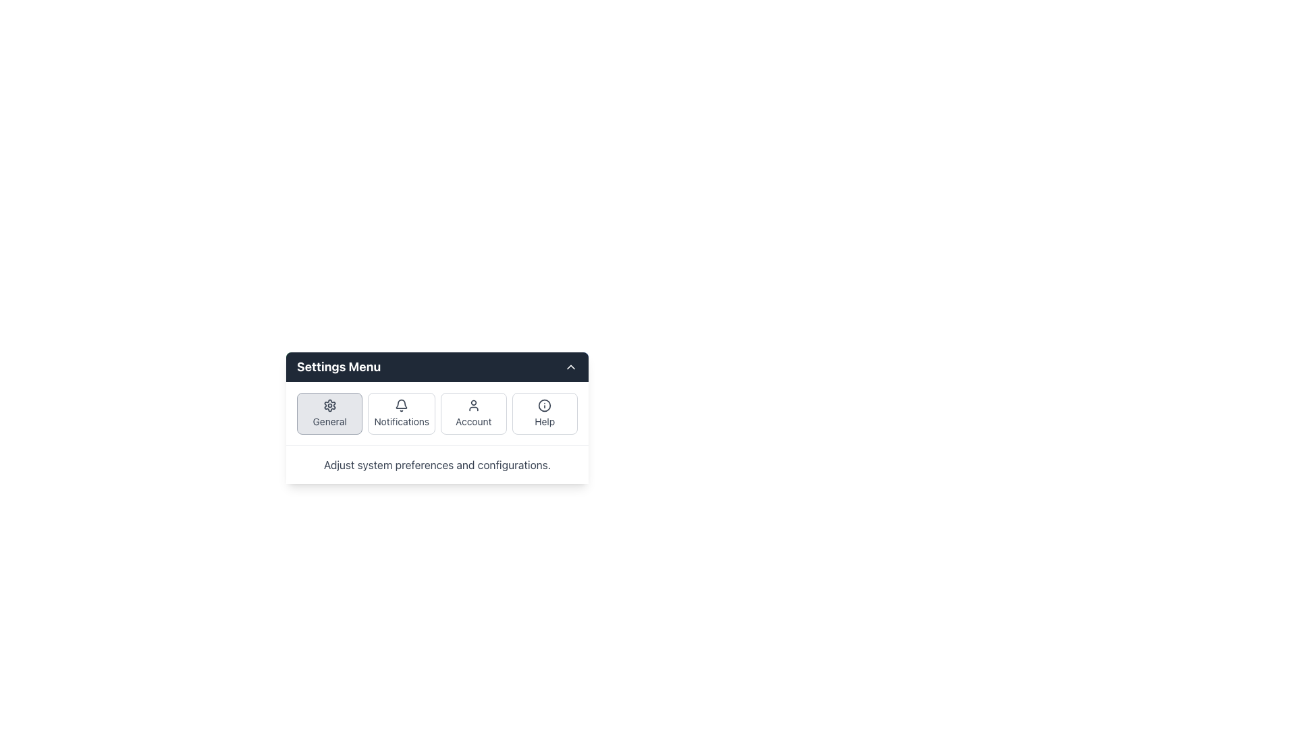  I want to click on the circular graphic element of the 'Help' icon located at the bottom right corner of the settings menu, so click(545, 405).